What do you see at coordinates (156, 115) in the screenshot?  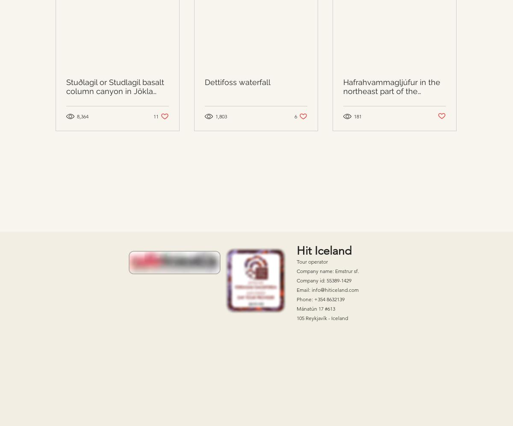 I see `'11'` at bounding box center [156, 115].